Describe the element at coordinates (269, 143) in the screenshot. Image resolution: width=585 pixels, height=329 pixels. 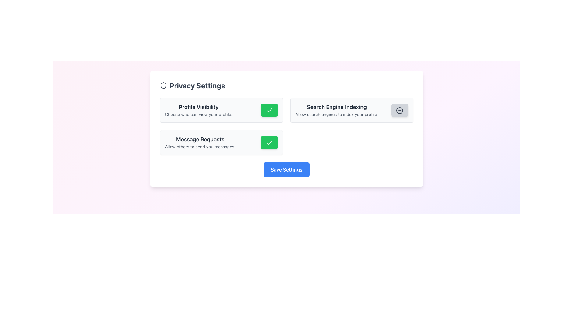
I see `the 'Message Requests' icon, which is visually represented as a green-styled button indicating that the option is toggled on in the 'Privacy Settings' section` at that location.